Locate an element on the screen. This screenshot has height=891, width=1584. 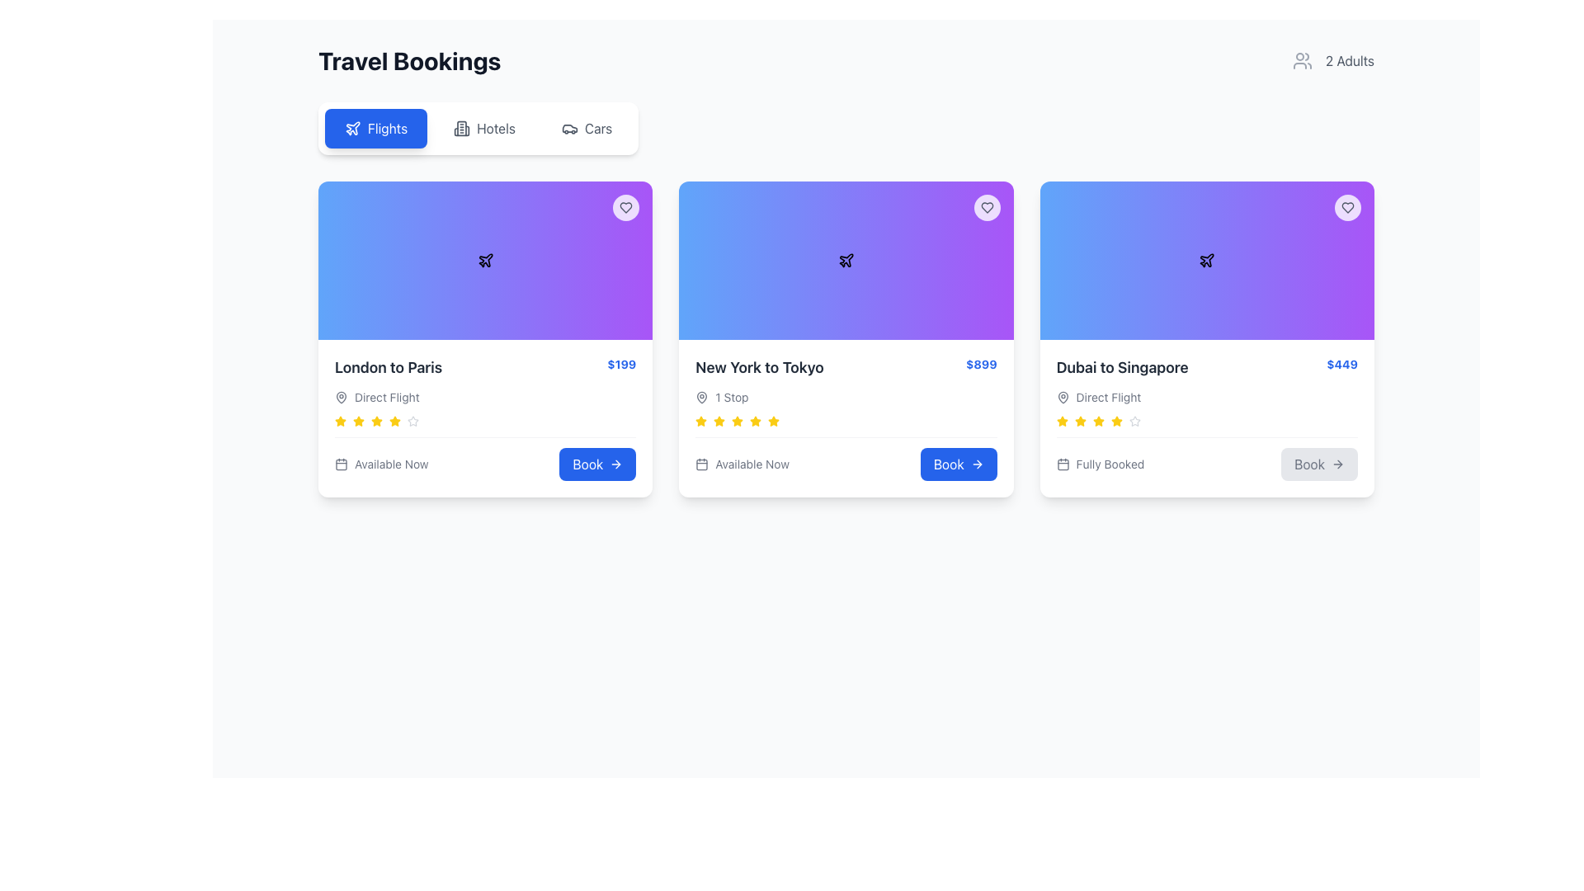
the booking button located in the bottom section of the first travel option card, positioned to the right of the 'Available Now' text, to initiate the booking process is located at coordinates (587, 464).